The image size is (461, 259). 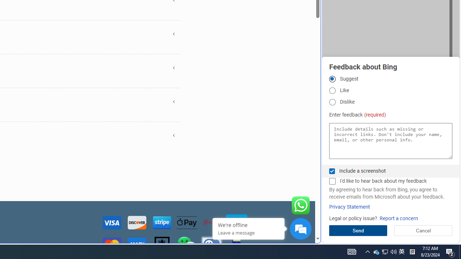 I want to click on 'Suggest', so click(x=332, y=79).